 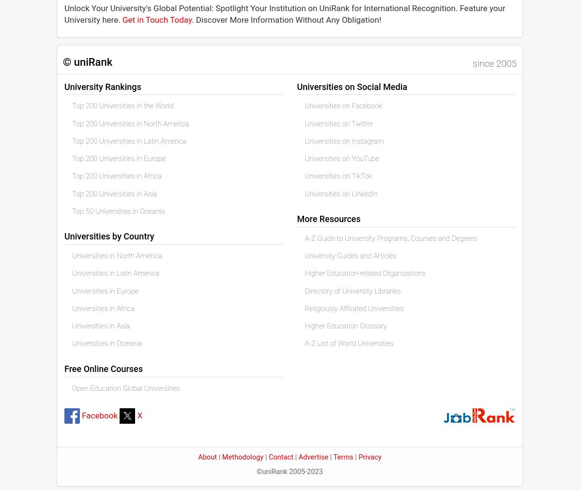 I want to click on 'Top 50 Universities in Oceania', so click(x=118, y=210).